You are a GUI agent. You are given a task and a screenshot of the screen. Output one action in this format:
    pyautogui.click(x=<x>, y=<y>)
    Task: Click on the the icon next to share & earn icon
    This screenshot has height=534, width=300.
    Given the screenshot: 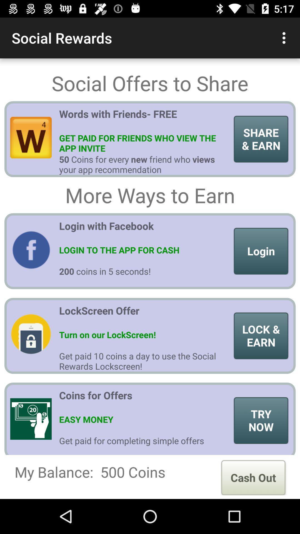 What is the action you would take?
    pyautogui.click(x=144, y=119)
    